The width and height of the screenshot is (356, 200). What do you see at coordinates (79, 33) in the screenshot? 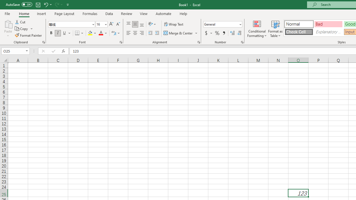
I see `'Borders'` at bounding box center [79, 33].